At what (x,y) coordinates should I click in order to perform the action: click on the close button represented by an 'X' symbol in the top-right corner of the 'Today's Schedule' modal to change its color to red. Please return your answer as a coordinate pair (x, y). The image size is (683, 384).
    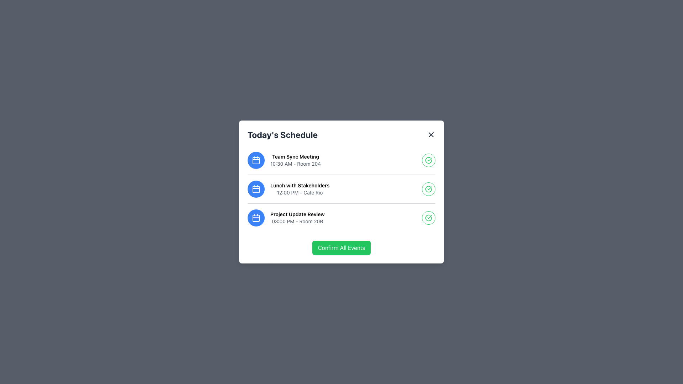
    Looking at the image, I should click on (430, 134).